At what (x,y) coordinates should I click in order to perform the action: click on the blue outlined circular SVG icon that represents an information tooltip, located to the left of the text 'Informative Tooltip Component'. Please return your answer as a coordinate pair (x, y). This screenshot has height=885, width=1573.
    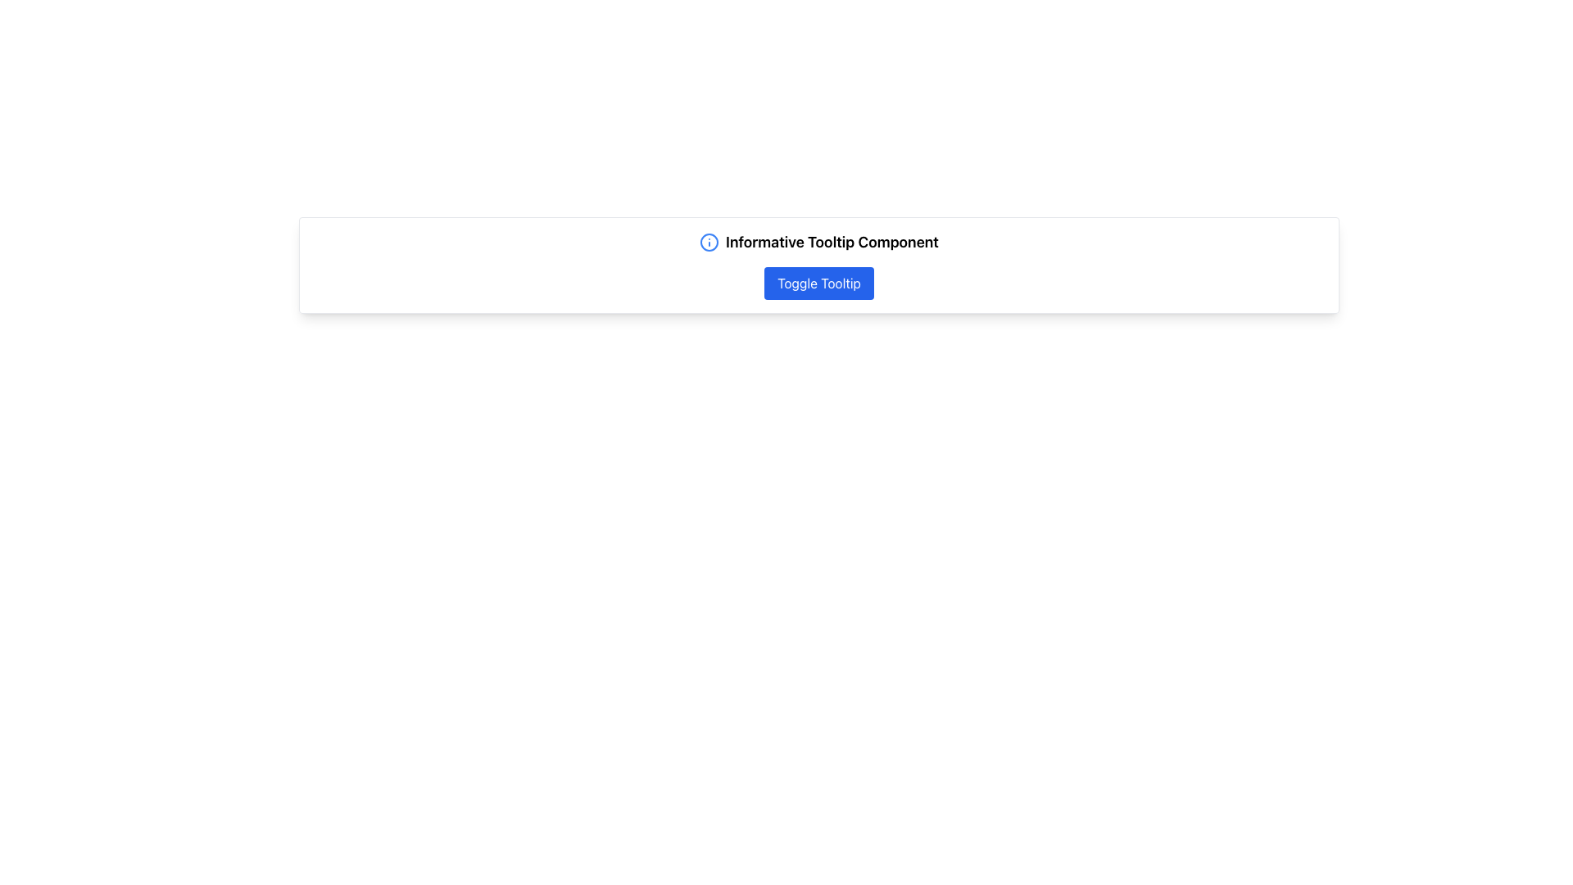
    Looking at the image, I should click on (709, 243).